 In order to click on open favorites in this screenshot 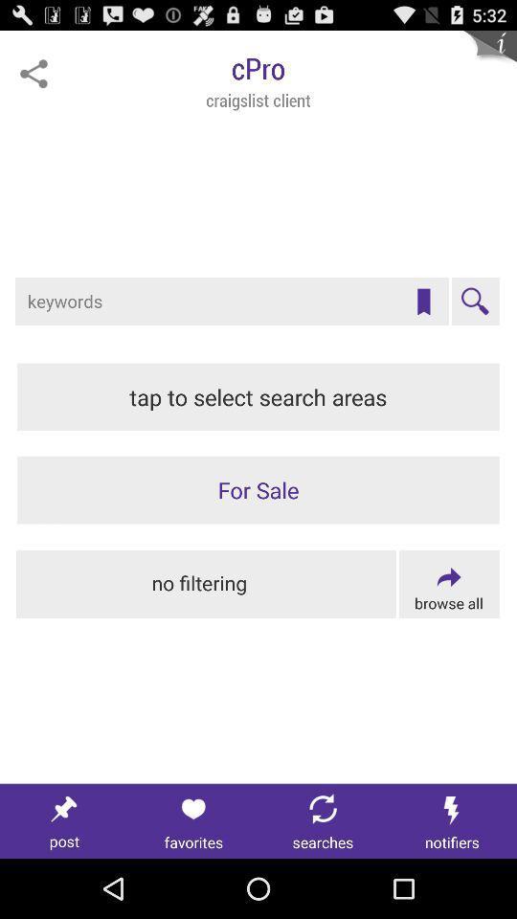, I will do `click(193, 820)`.